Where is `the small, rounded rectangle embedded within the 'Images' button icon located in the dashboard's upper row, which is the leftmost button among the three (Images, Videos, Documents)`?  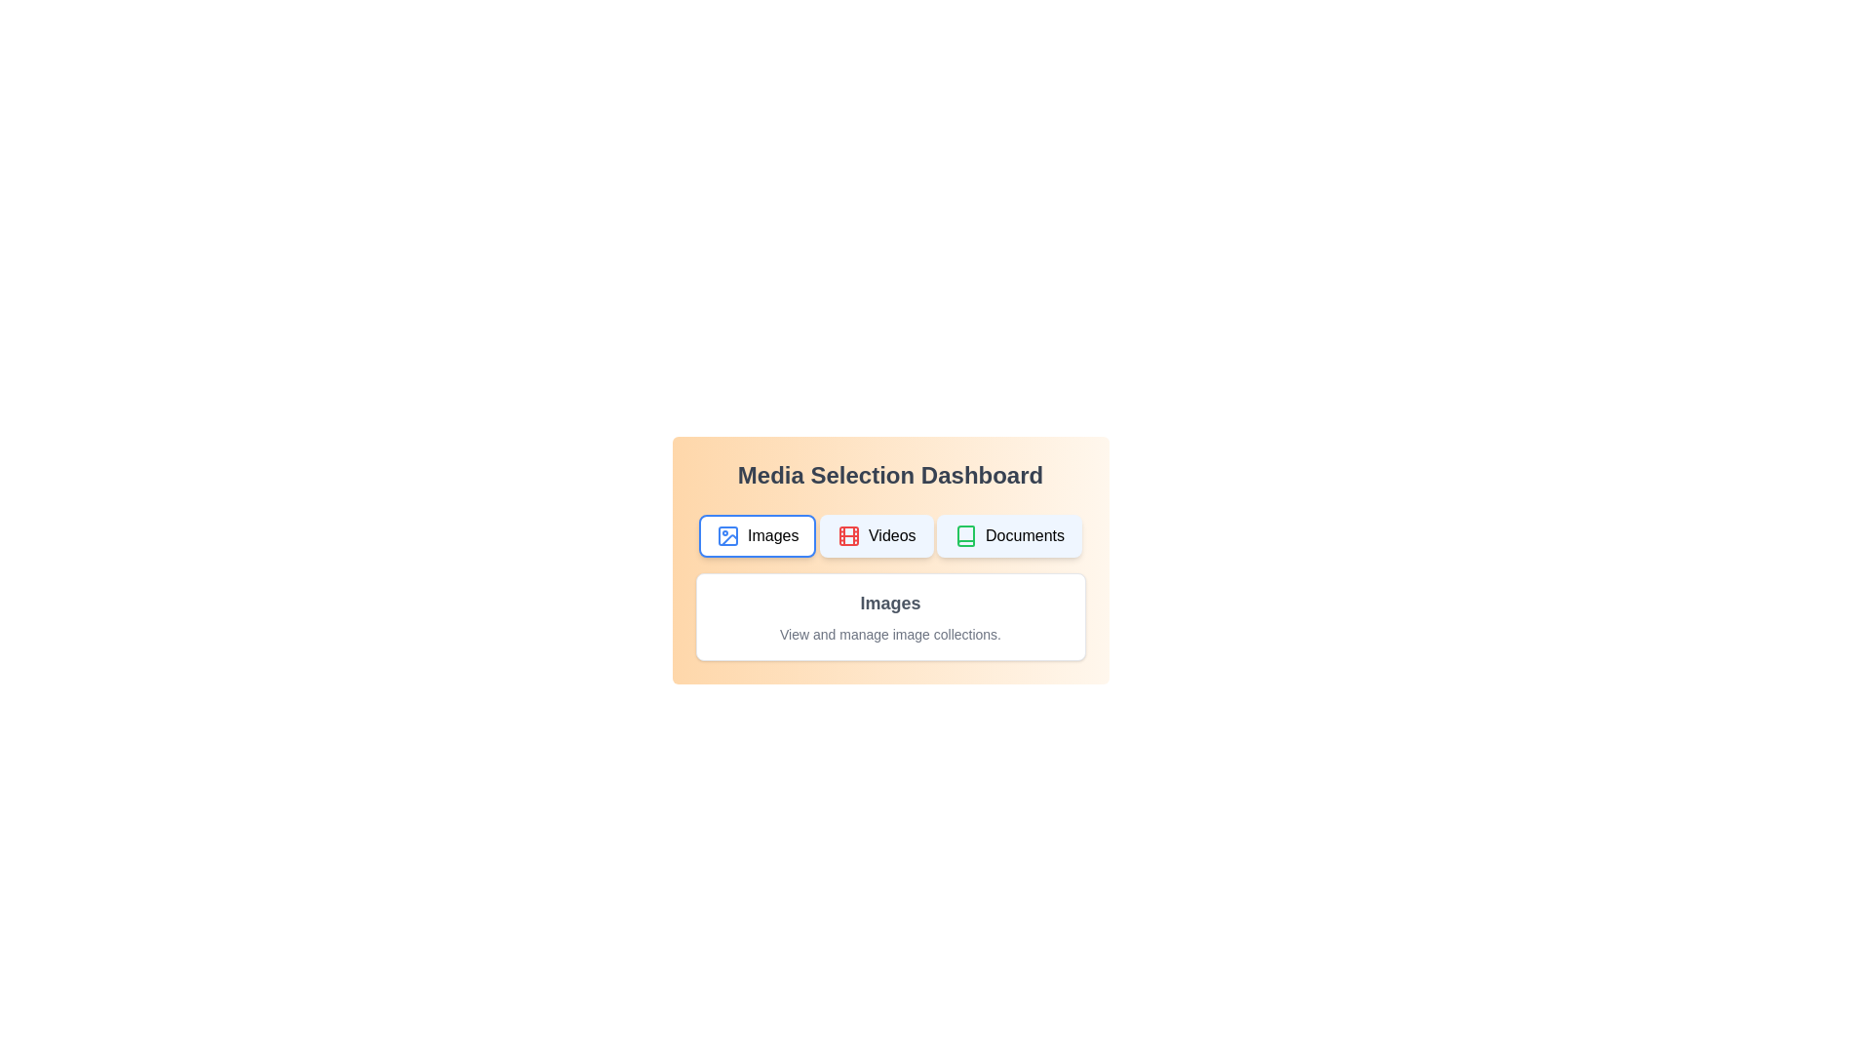 the small, rounded rectangle embedded within the 'Images' button icon located in the dashboard's upper row, which is the leftmost button among the three (Images, Videos, Documents) is located at coordinates (727, 536).